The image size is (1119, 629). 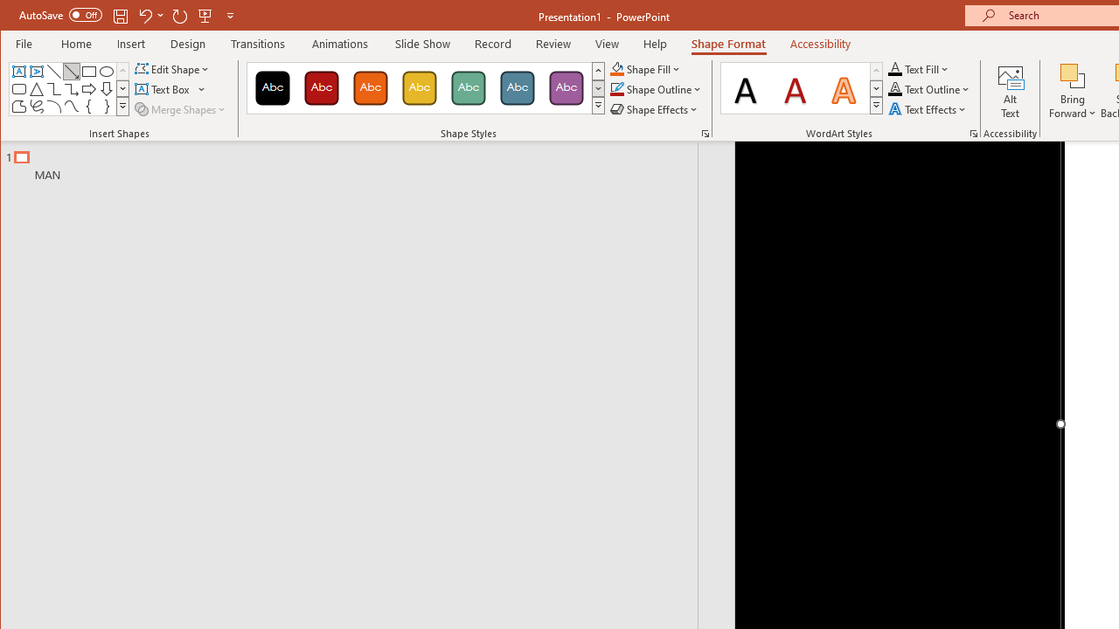 I want to click on 'Arrow: Down', so click(x=106, y=89).